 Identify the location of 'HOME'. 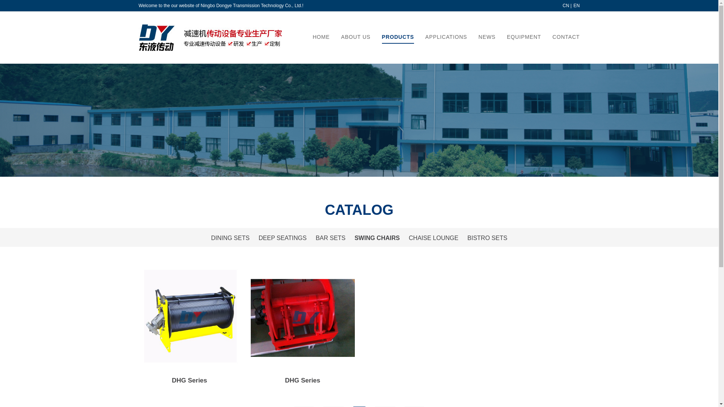
(321, 37).